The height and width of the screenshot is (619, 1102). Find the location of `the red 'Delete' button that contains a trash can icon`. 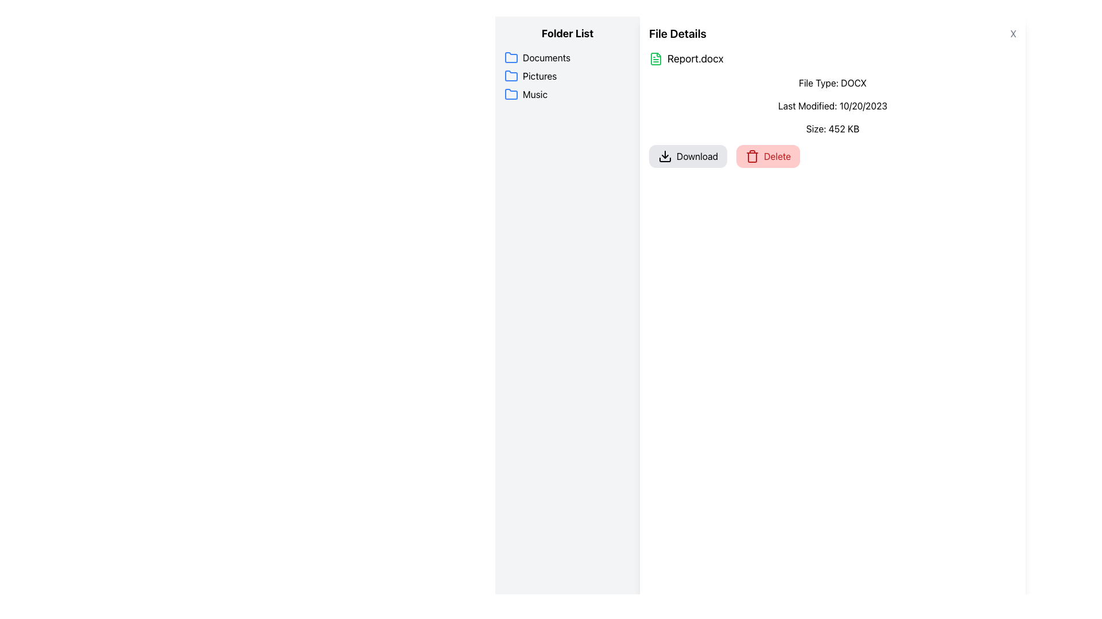

the red 'Delete' button that contains a trash can icon is located at coordinates (752, 157).